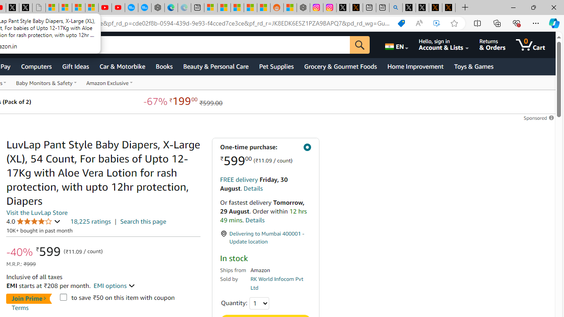  I want to click on 'github - Search', so click(395, 7).